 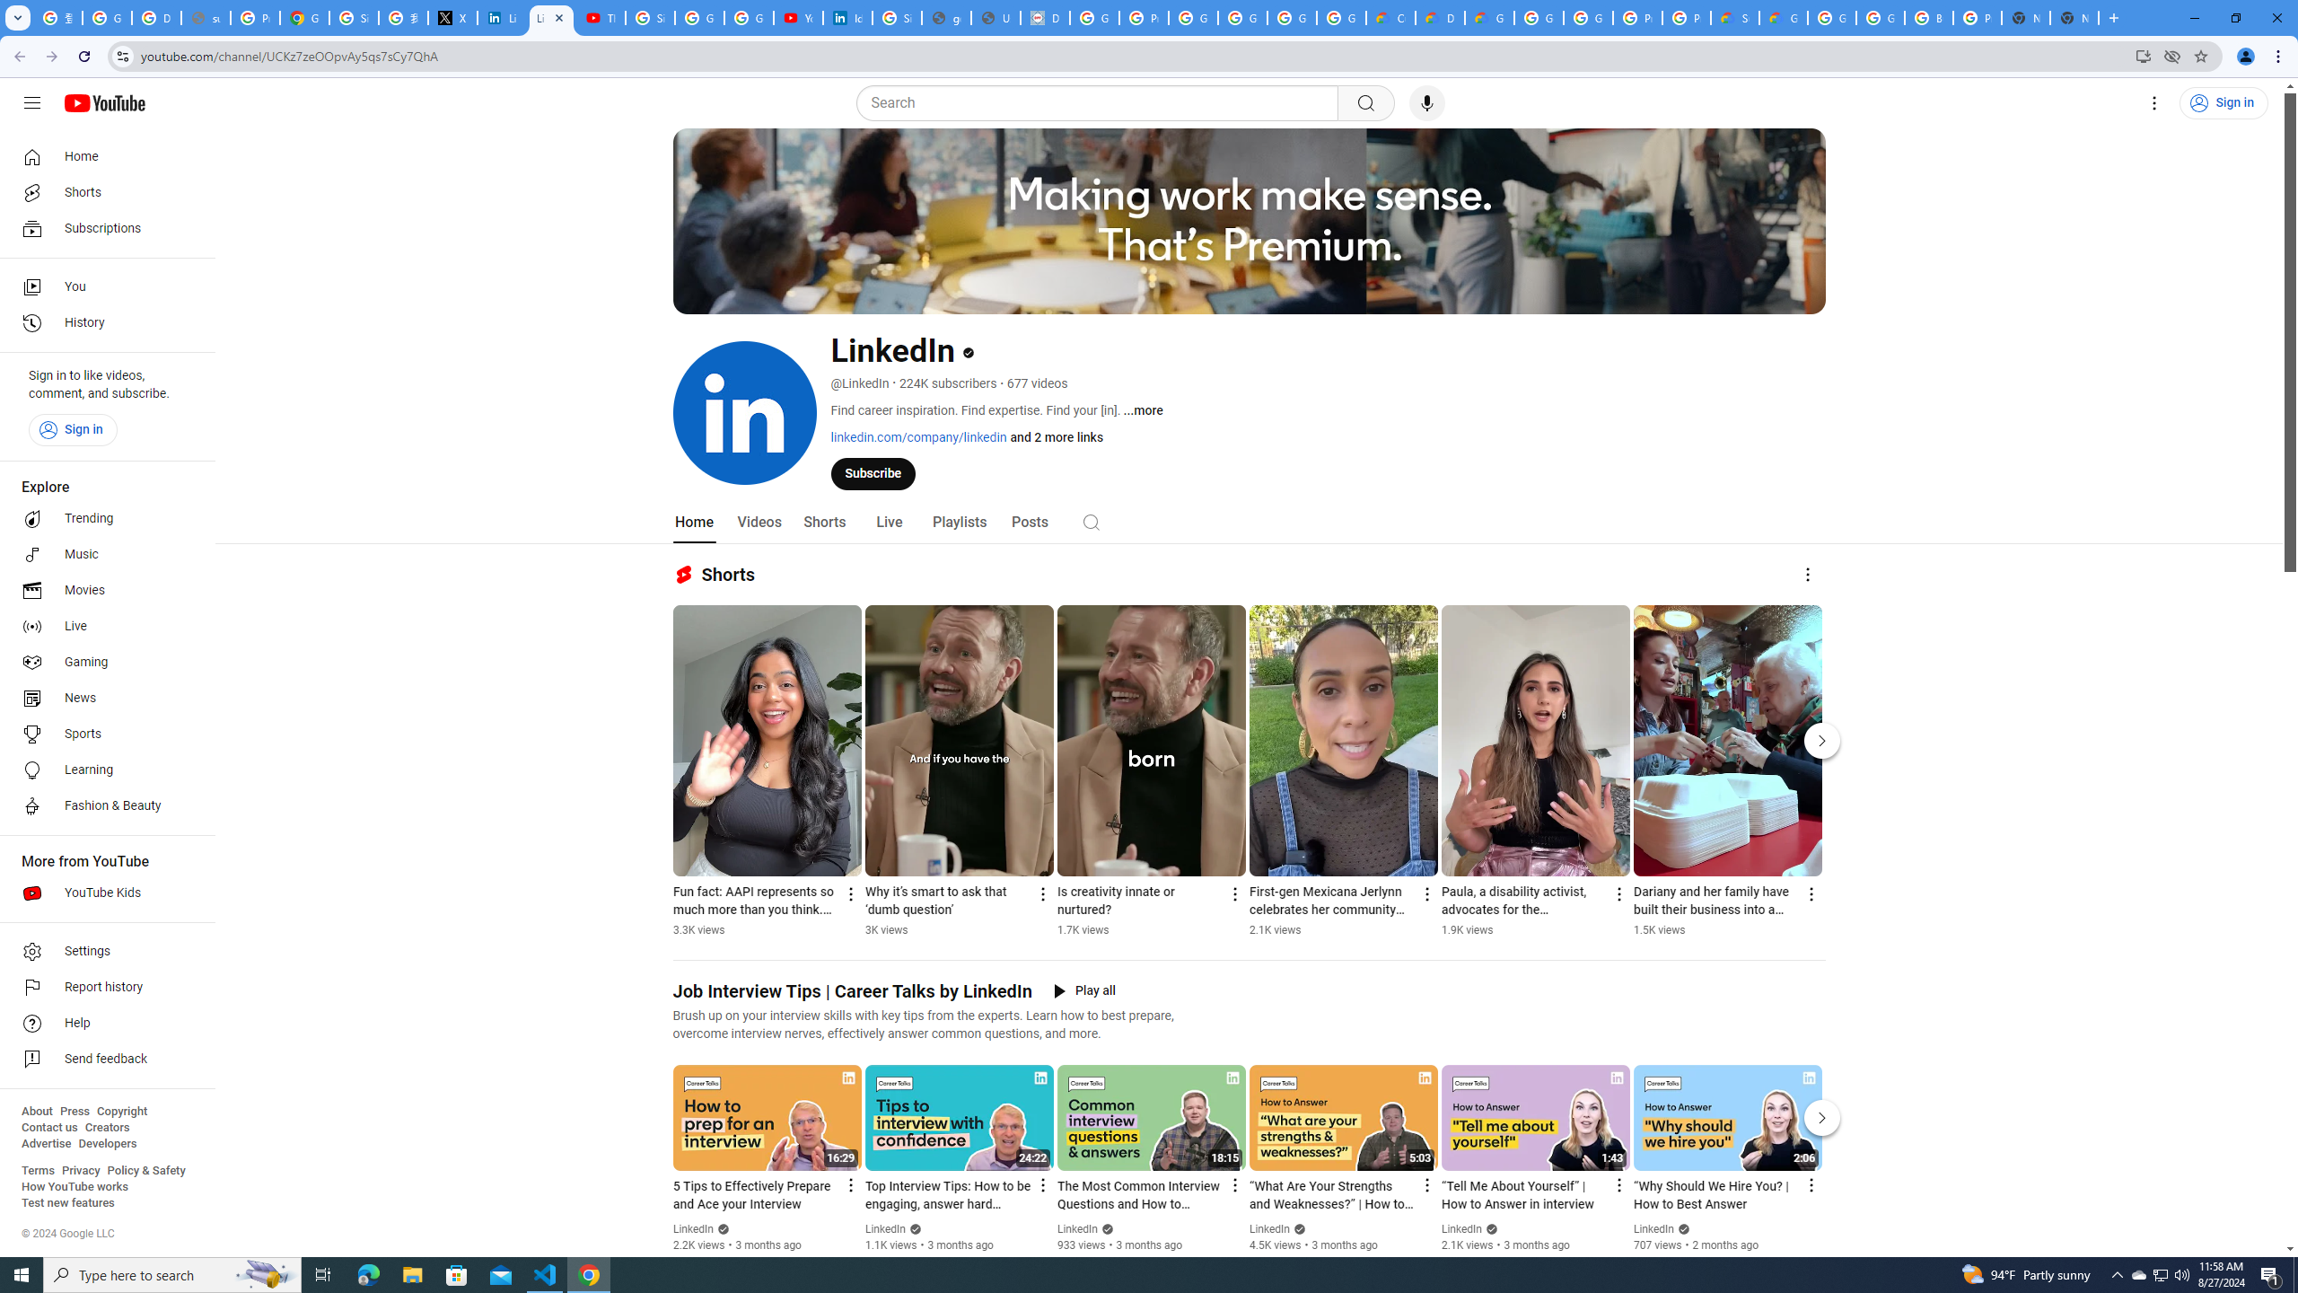 What do you see at coordinates (145, 1169) in the screenshot?
I see `'Policy & Safety'` at bounding box center [145, 1169].